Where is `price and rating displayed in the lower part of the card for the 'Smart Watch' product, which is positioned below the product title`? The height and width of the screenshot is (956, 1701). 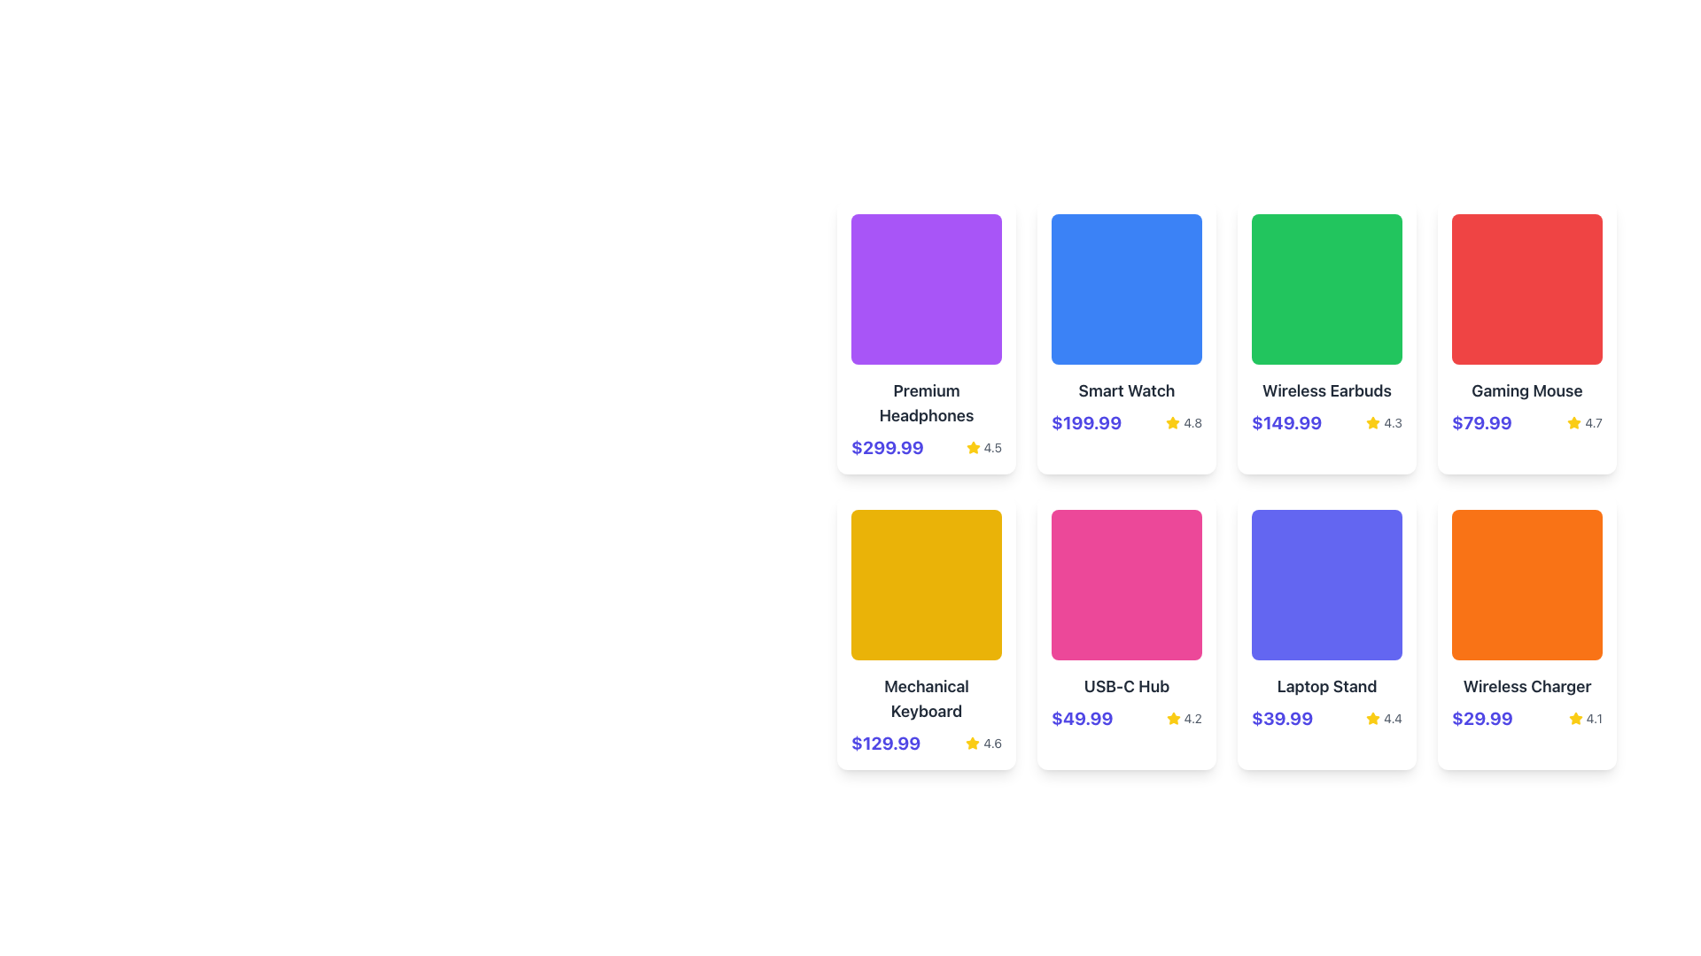 price and rating displayed in the lower part of the card for the 'Smart Watch' product, which is positioned below the product title is located at coordinates (1126, 423).